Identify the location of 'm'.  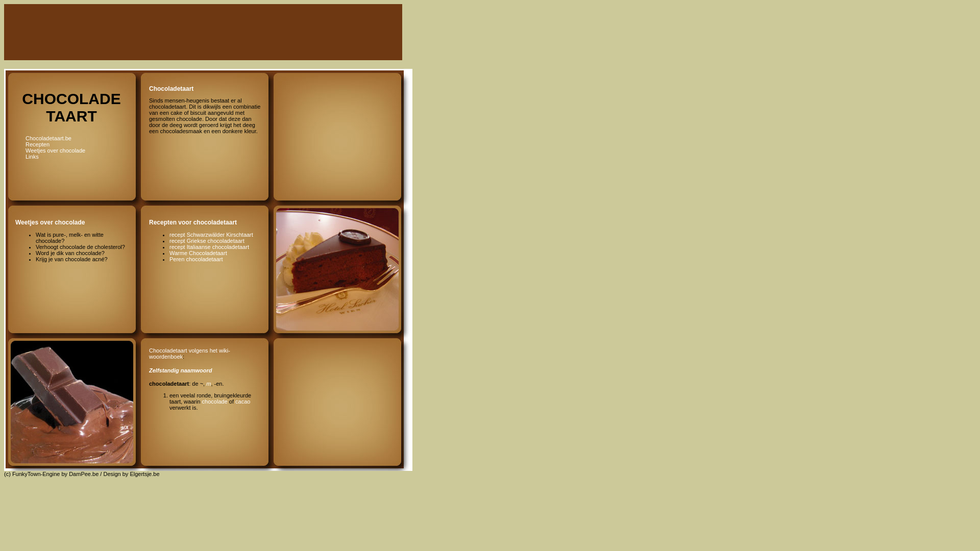
(208, 384).